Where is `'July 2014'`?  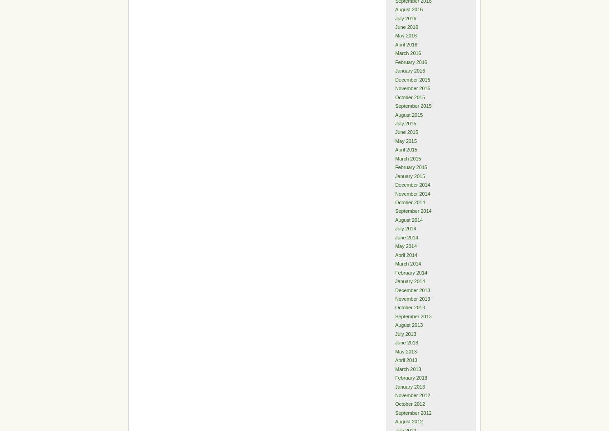 'July 2014' is located at coordinates (394, 228).